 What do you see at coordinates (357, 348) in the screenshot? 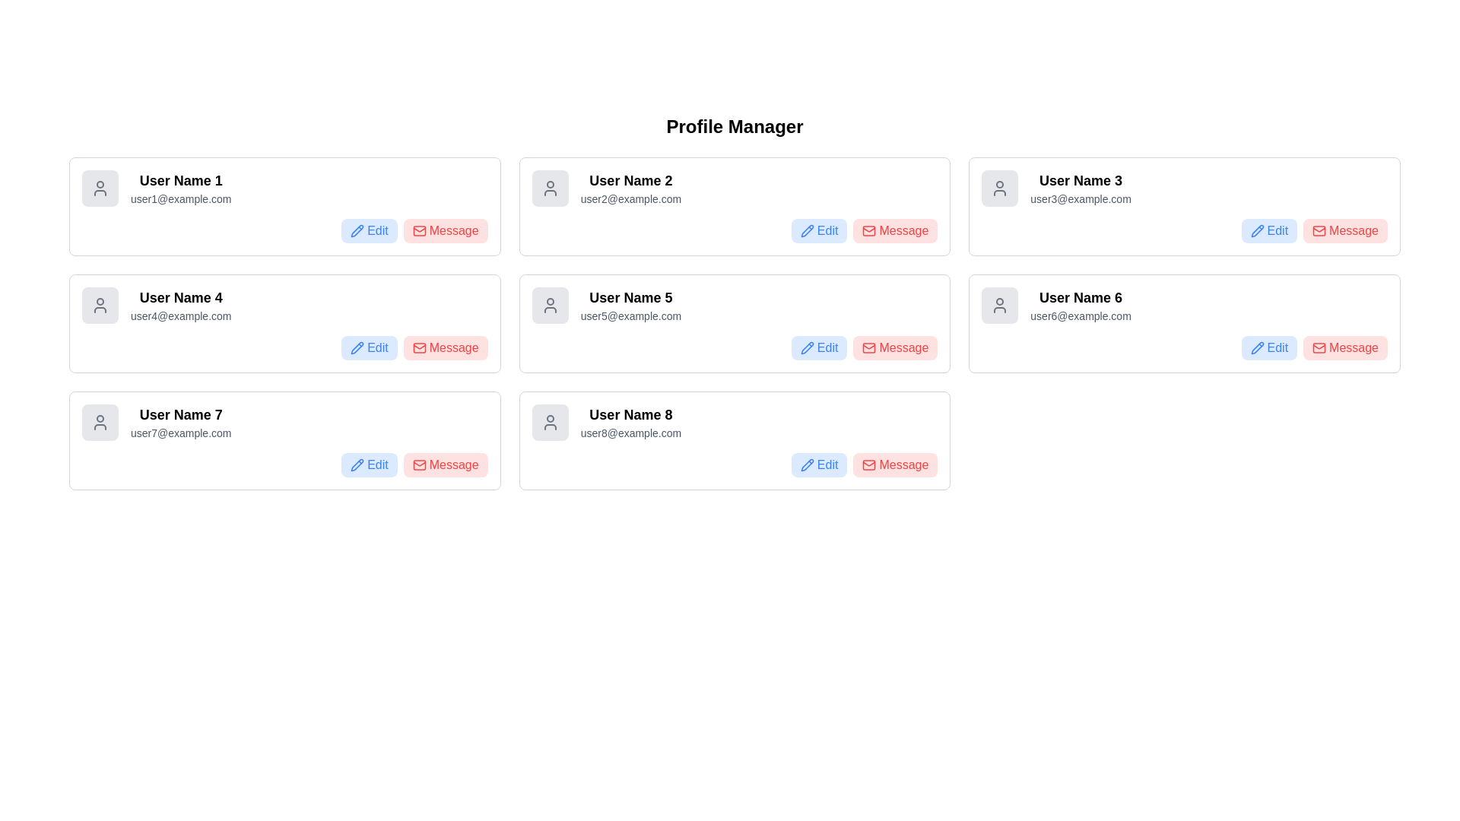
I see `the pencil icon representing the edit action located beside the 'Edit' text within the blue-highlighted button in the second user card of the layout` at bounding box center [357, 348].